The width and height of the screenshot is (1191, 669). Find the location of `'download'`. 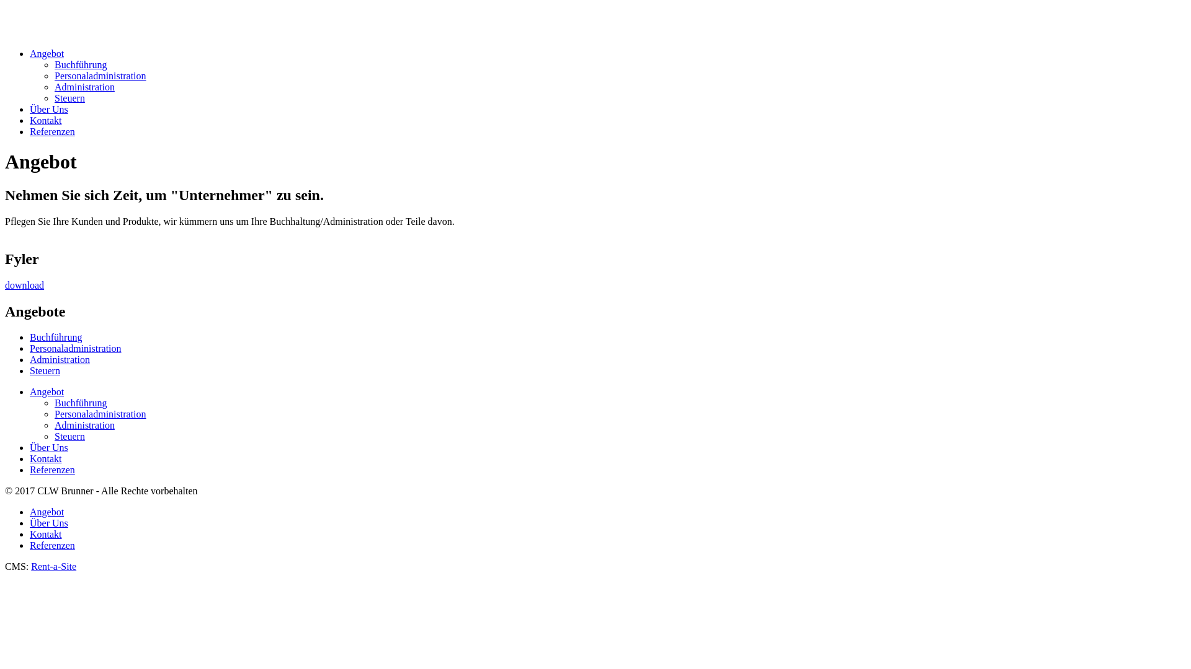

'download' is located at coordinates (24, 285).